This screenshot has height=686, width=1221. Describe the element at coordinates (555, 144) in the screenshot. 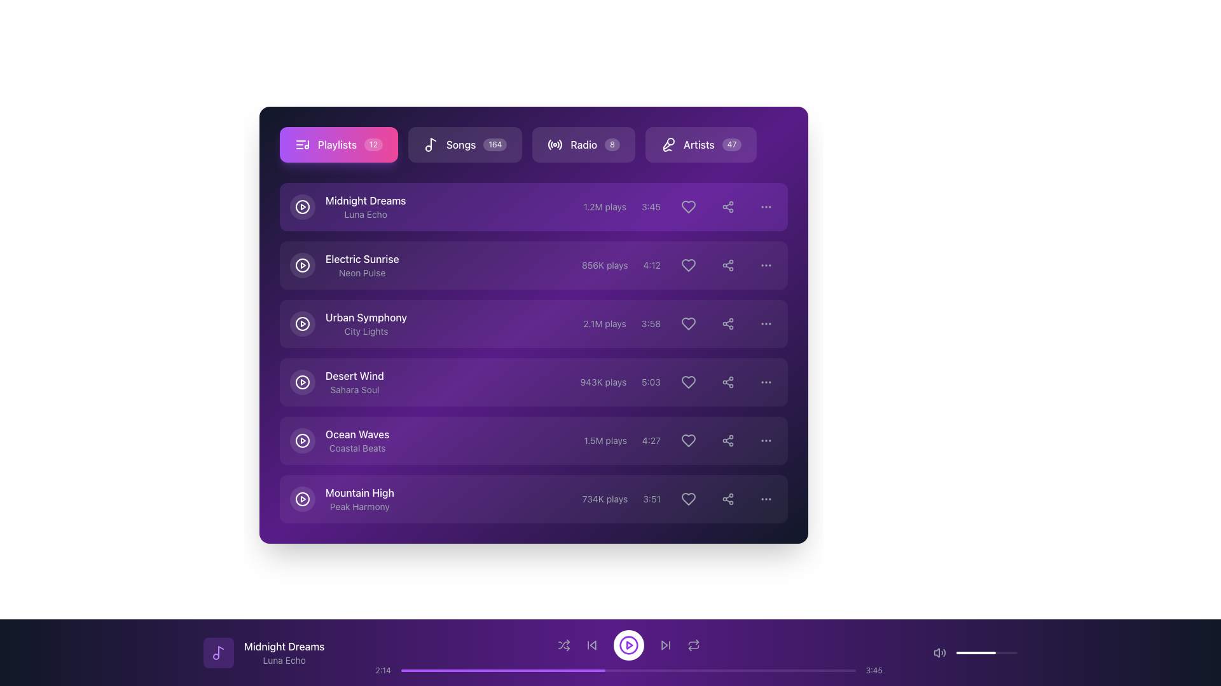

I see `the circular radio waves icon located within the 'Radio' button in the top menu` at that location.